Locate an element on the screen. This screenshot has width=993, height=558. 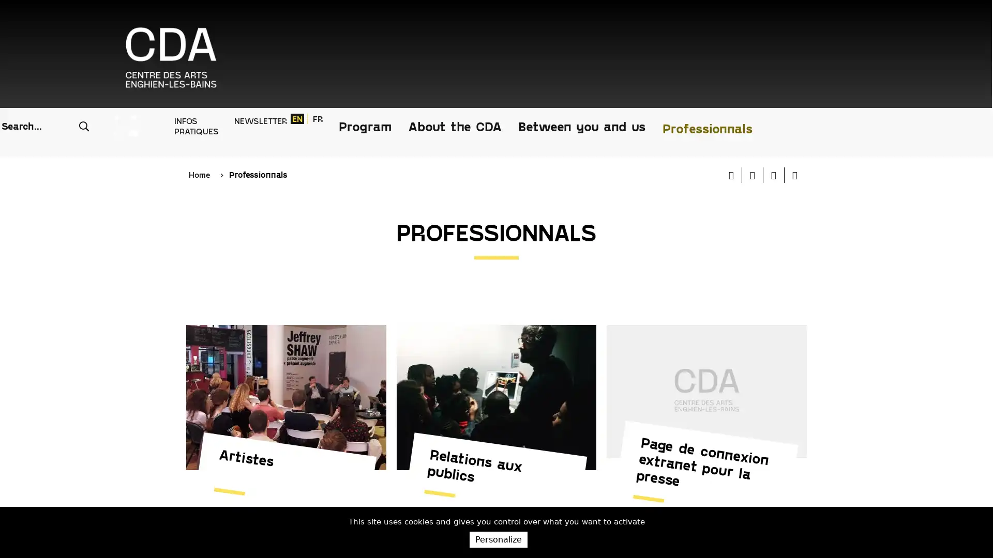
Personalize is located at coordinates (498, 539).